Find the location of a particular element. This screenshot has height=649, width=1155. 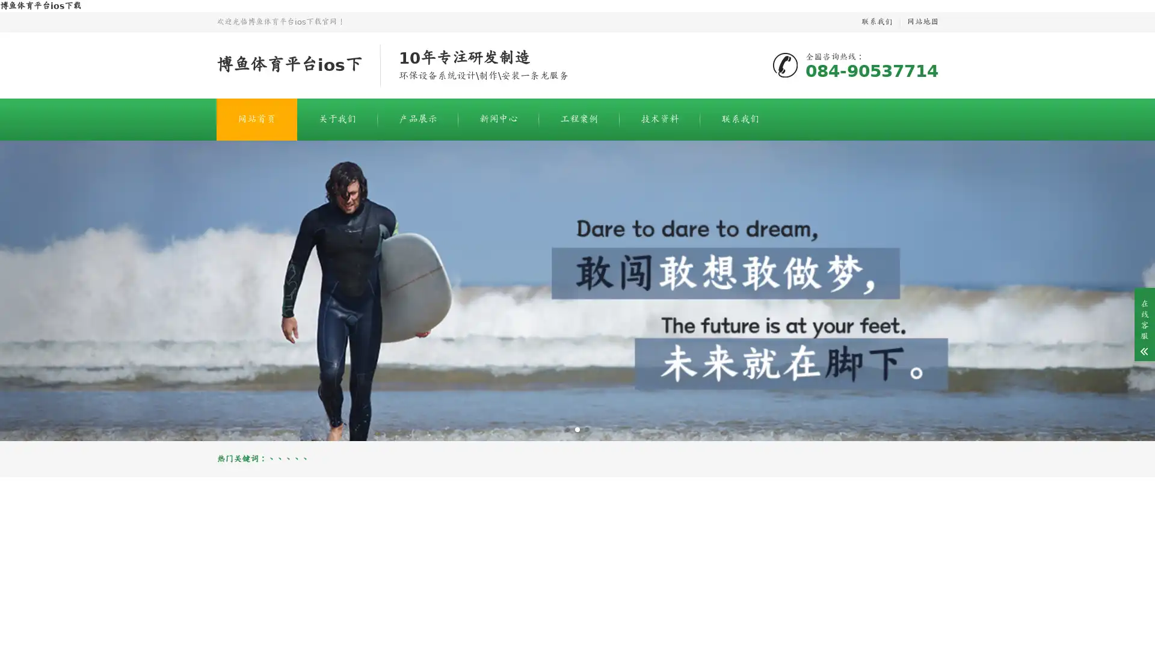

Go to slide 3 is located at coordinates (587, 428).